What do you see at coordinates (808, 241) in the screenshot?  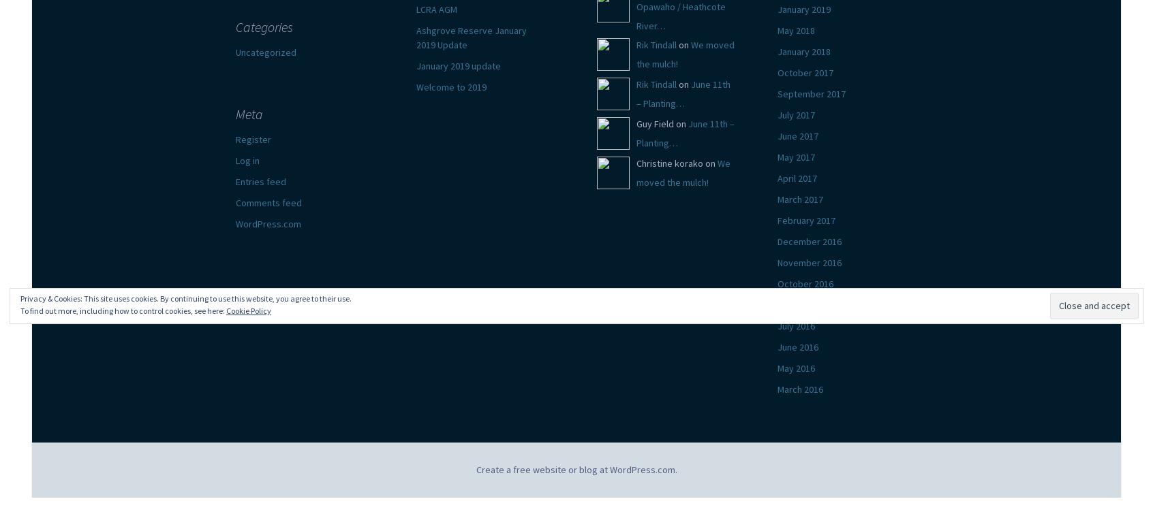 I see `'December 2016'` at bounding box center [808, 241].